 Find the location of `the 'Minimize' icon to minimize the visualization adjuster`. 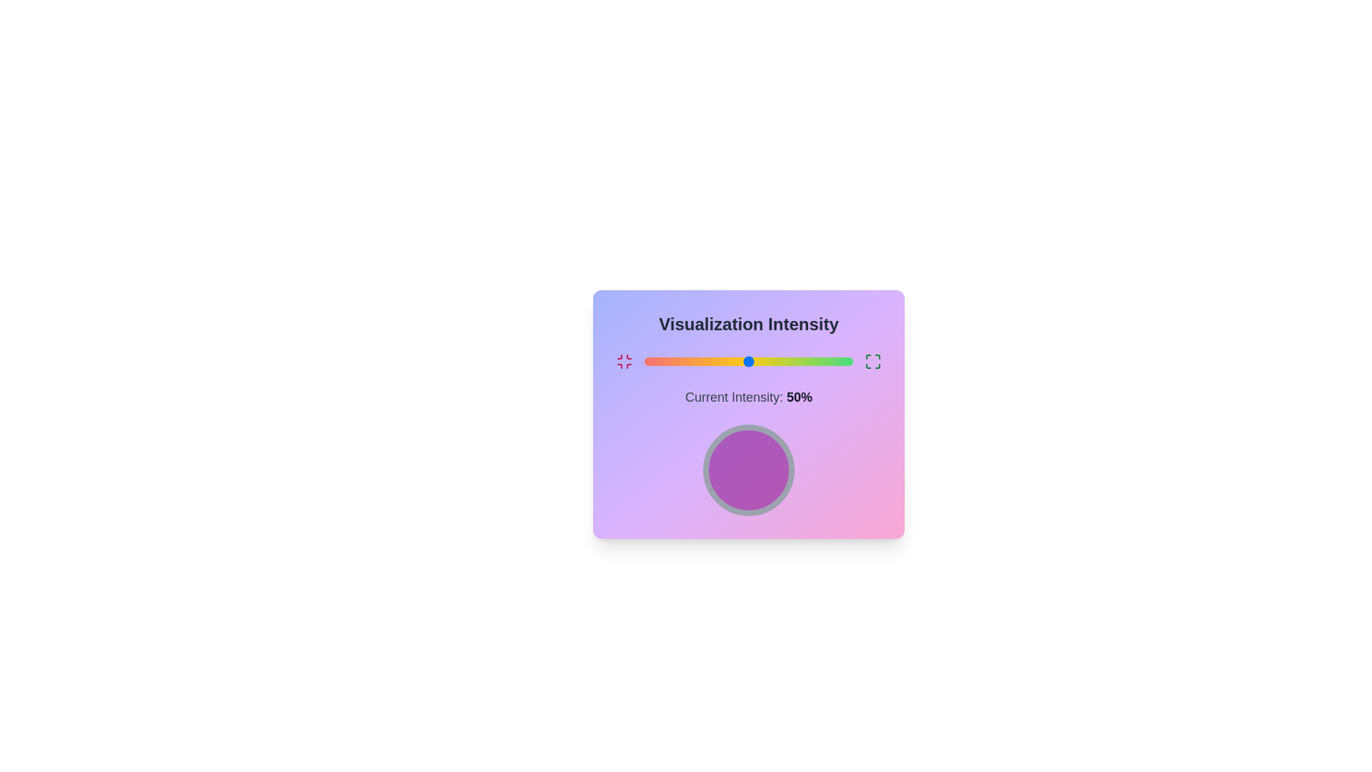

the 'Minimize' icon to minimize the visualization adjuster is located at coordinates (624, 360).